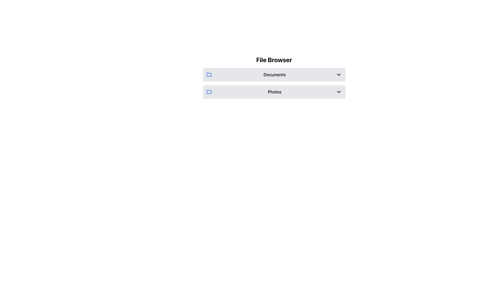 The height and width of the screenshot is (282, 502). What do you see at coordinates (209, 91) in the screenshot?
I see `the blue outlined folder icon labeled 'Photos' located in the second row of the interface` at bounding box center [209, 91].